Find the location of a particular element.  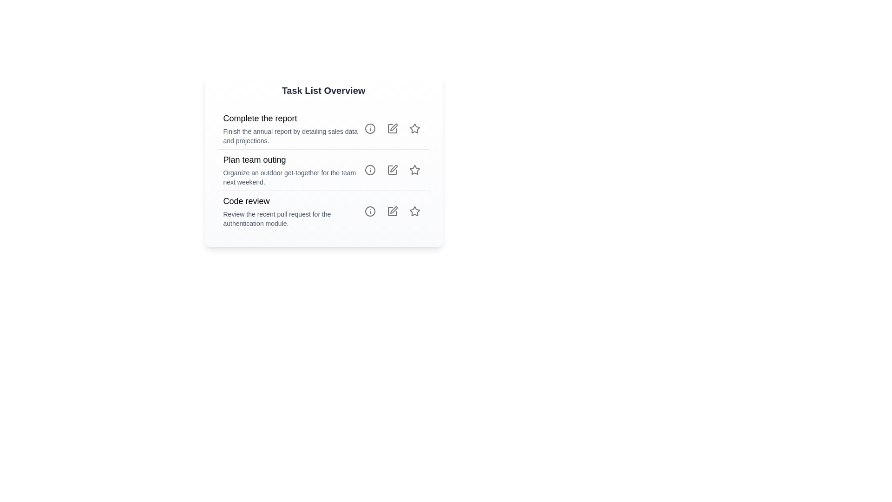

the second star-shaped icon in the task list is located at coordinates (414, 170).